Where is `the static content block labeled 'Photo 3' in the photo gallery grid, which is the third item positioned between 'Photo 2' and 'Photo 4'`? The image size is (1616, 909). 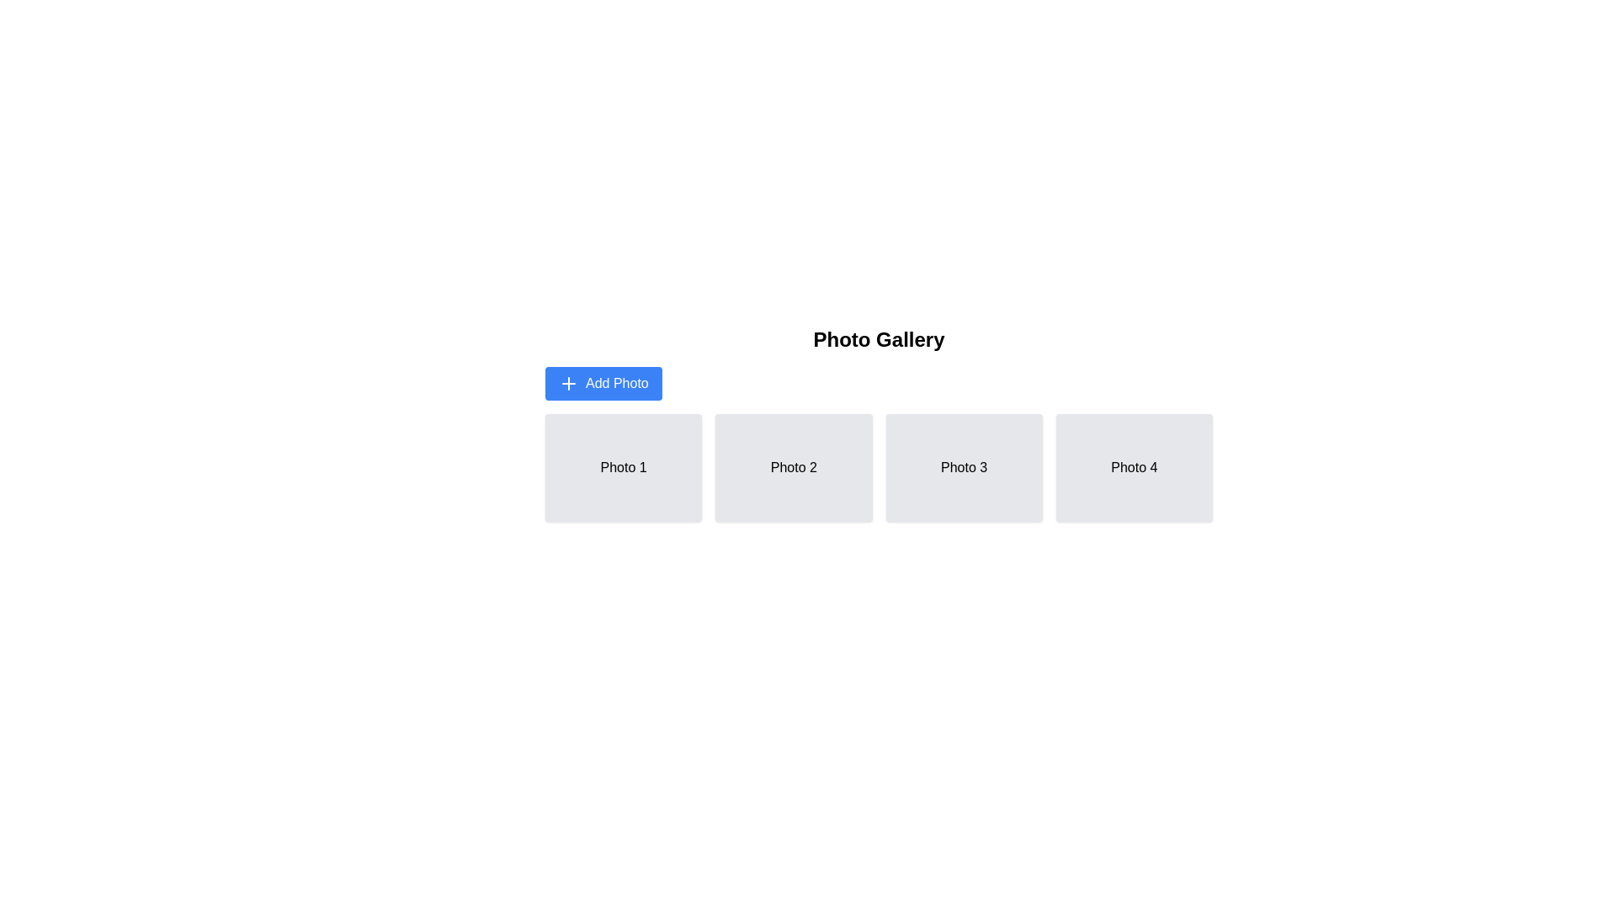 the static content block labeled 'Photo 3' in the photo gallery grid, which is the third item positioned between 'Photo 2' and 'Photo 4' is located at coordinates (964, 467).